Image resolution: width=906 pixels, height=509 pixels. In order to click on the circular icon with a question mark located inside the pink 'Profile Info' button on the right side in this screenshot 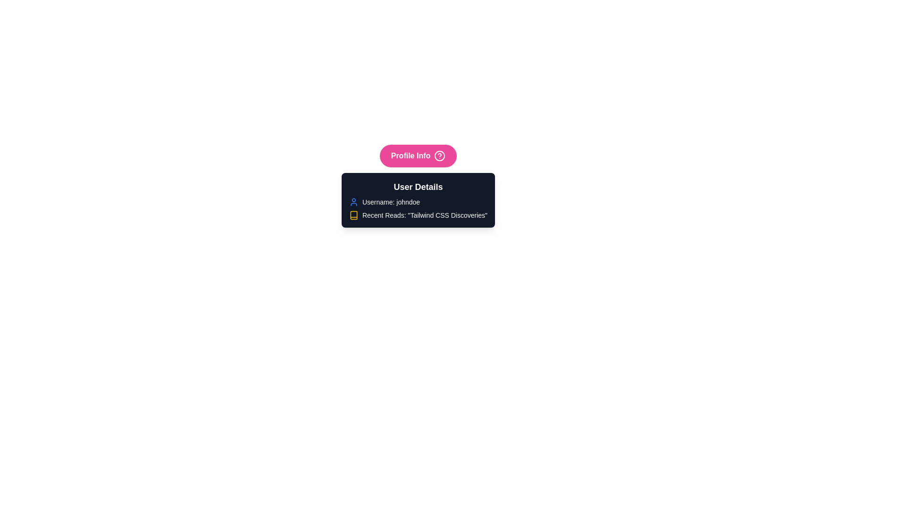, I will do `click(439, 156)`.